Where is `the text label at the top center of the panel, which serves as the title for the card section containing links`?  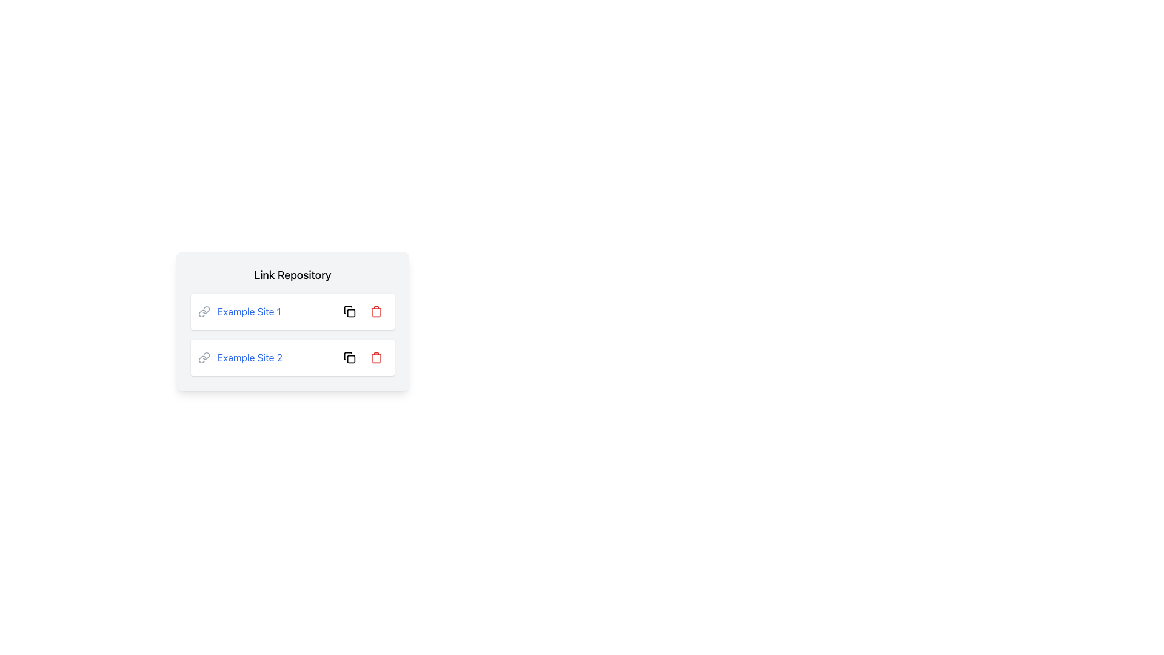 the text label at the top center of the panel, which serves as the title for the card section containing links is located at coordinates (293, 275).